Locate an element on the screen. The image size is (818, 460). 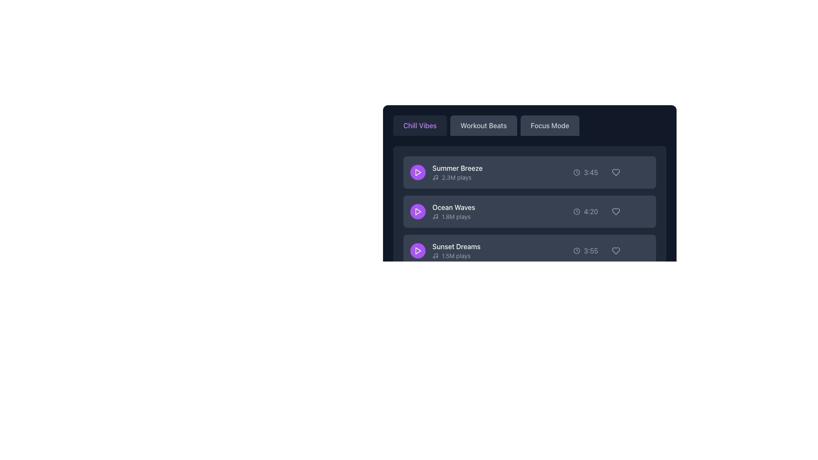
the circular purple button with a triangular white play icon at its center to play the song 'Summer Breeze' is located at coordinates (418, 172).